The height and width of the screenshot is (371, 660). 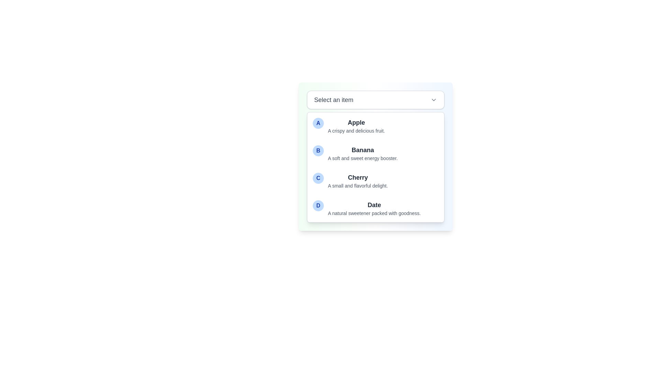 I want to click on the static text providing additional information about 'Apple', located under the 'Apple' title in the dropdown-like list, so click(x=356, y=131).